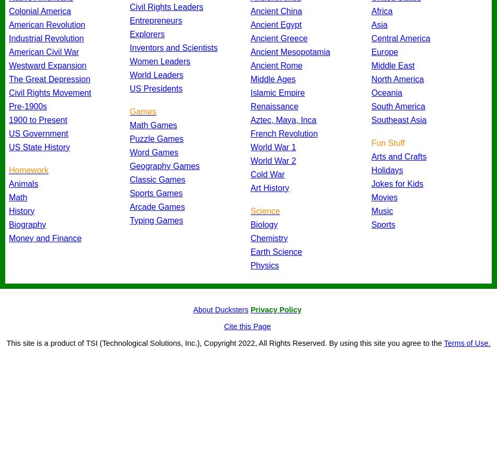 This screenshot has width=497, height=473. What do you see at coordinates (159, 60) in the screenshot?
I see `'Women Leaders'` at bounding box center [159, 60].